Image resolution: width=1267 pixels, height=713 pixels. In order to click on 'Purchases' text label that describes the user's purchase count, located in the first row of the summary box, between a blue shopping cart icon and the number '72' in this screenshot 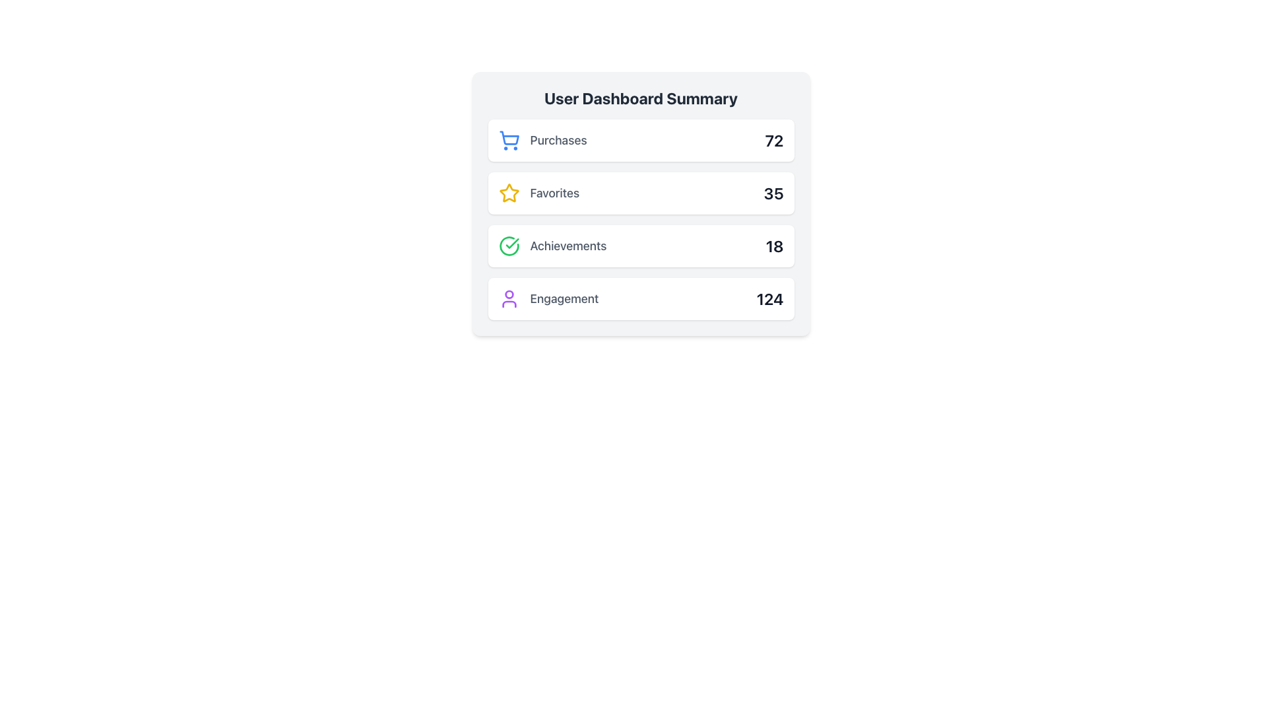, I will do `click(558, 140)`.